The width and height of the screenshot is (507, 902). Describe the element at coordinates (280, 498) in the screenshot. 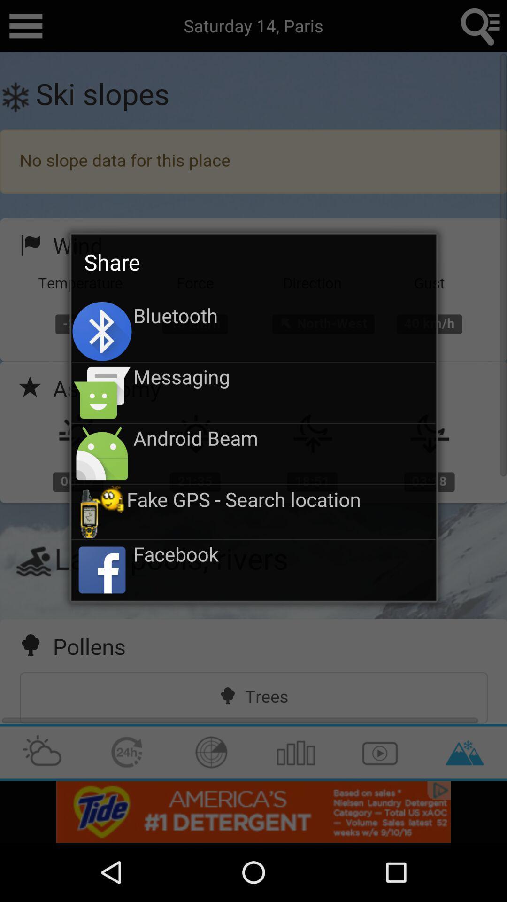

I see `fake gps search icon` at that location.